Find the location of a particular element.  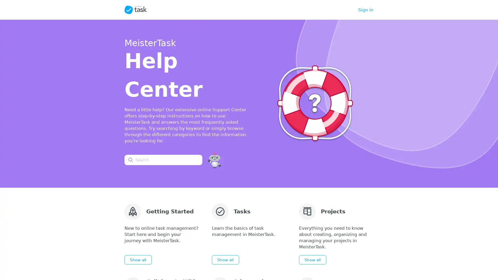

Sign in is located at coordinates (365, 10).